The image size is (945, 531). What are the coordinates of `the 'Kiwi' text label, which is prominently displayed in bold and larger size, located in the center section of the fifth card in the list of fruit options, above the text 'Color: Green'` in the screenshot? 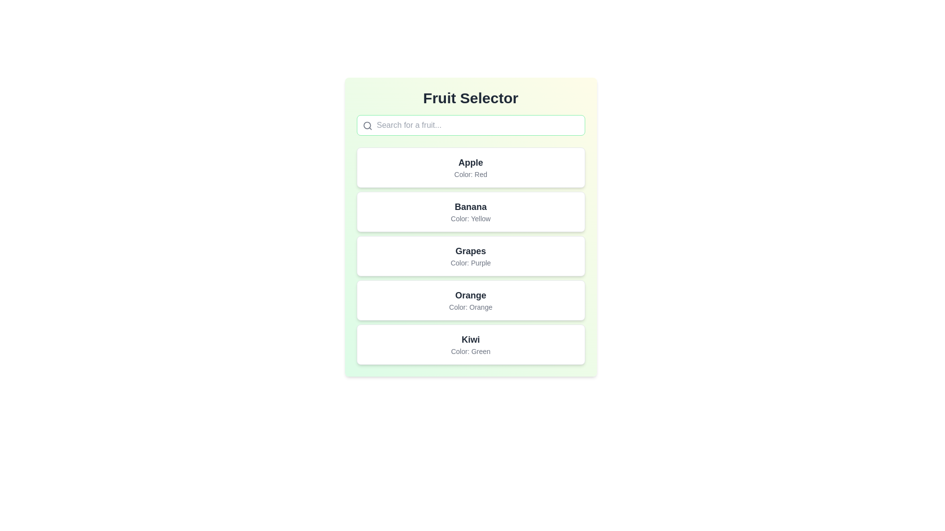 It's located at (470, 339).